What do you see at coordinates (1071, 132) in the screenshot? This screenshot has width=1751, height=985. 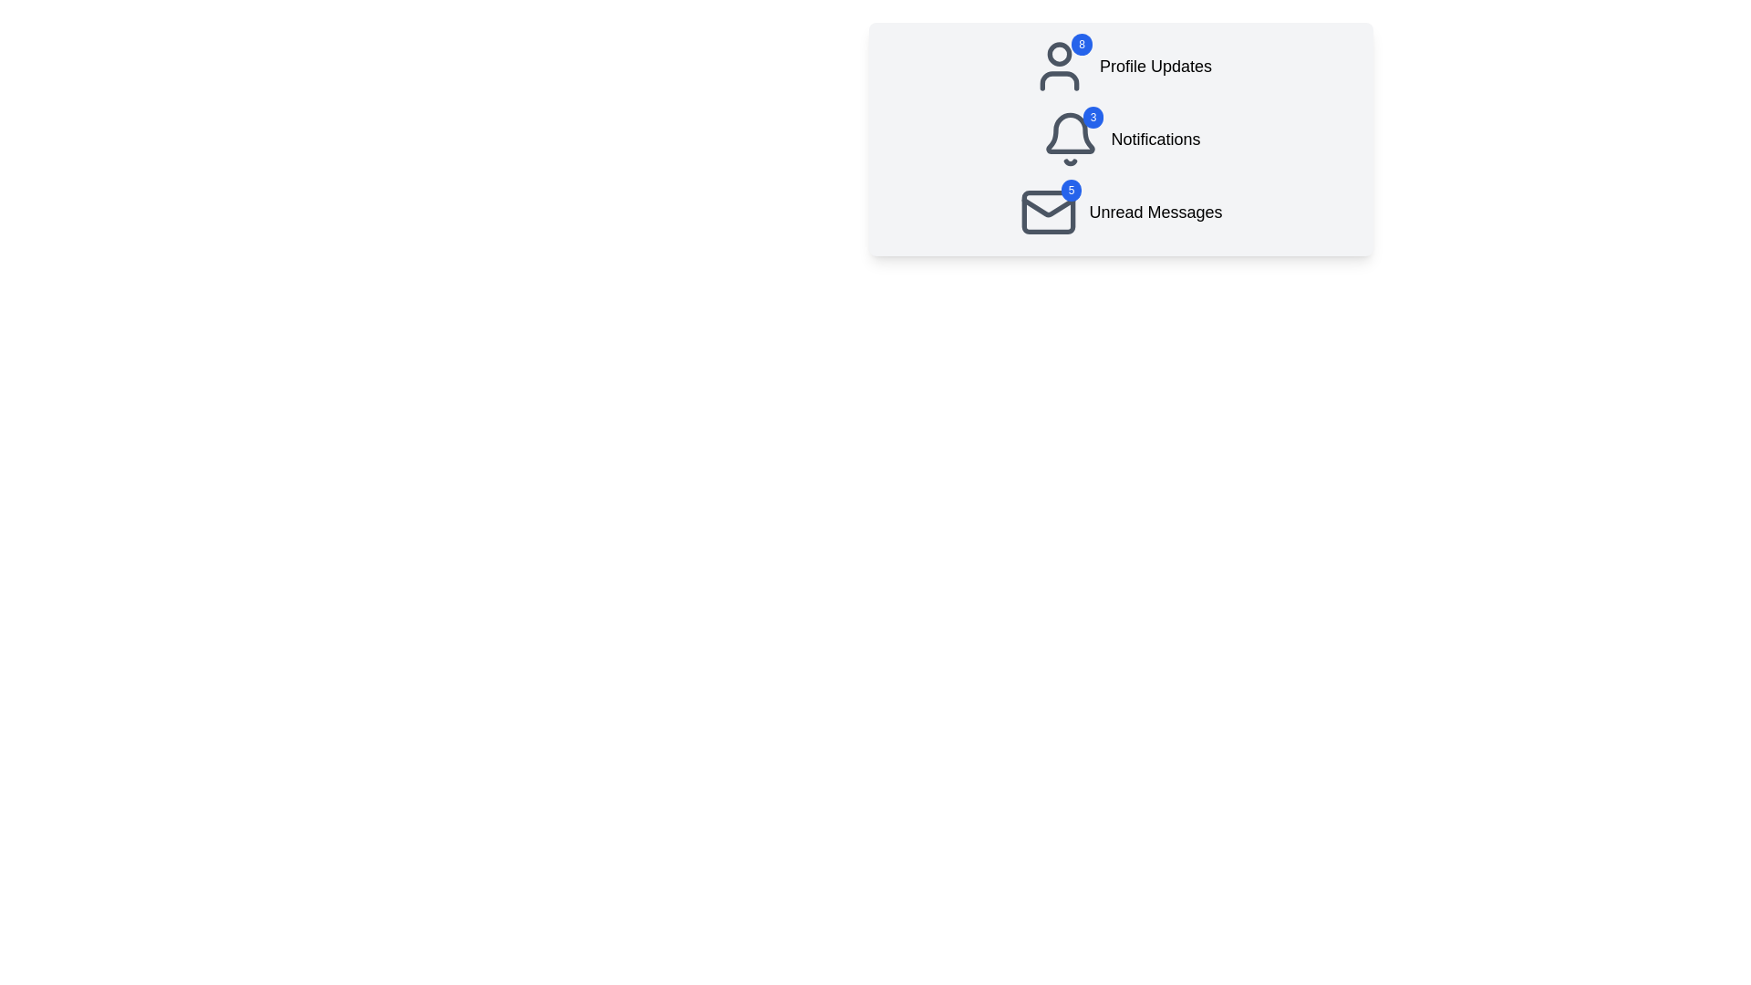 I see `the notification icon, which is a bell icon located in the middle of the horizontal notification menu, positioned directly above the 'Notifications' label` at bounding box center [1071, 132].